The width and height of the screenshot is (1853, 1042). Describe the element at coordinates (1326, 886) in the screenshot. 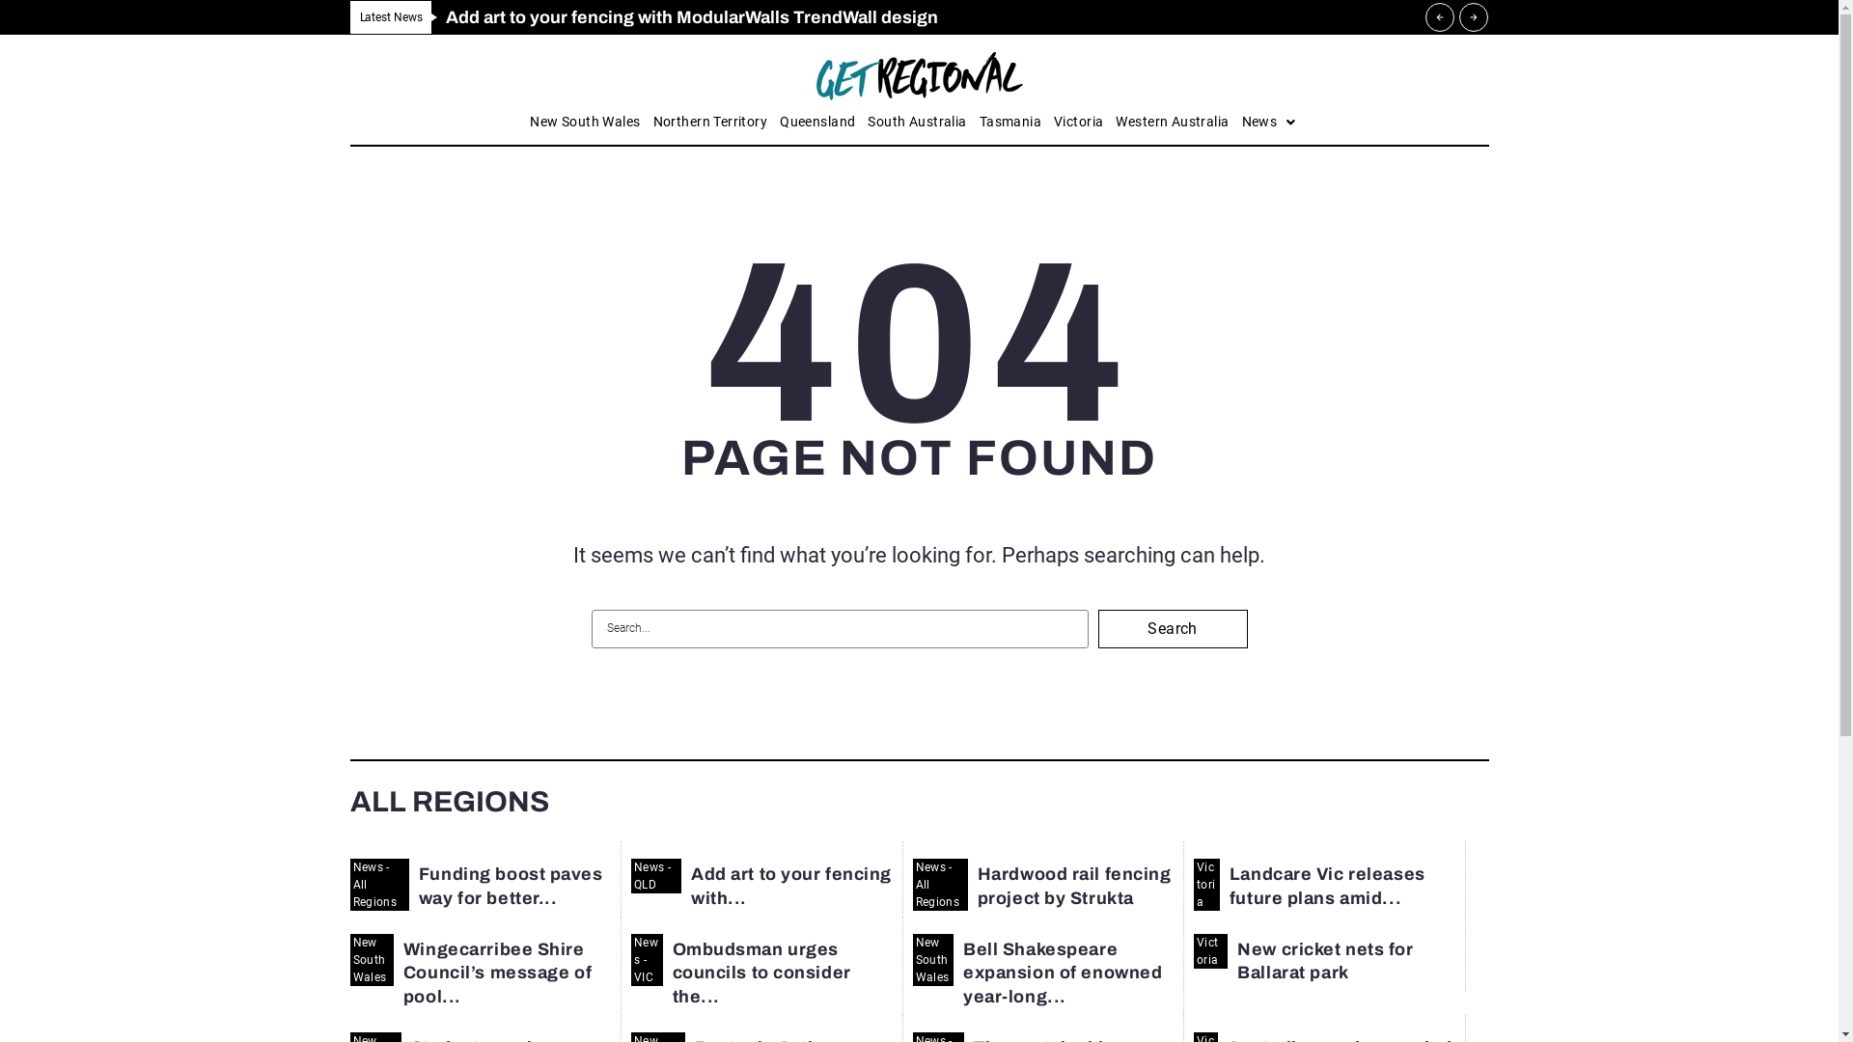

I see `'Landcare Vic releases future plans amid...'` at that location.